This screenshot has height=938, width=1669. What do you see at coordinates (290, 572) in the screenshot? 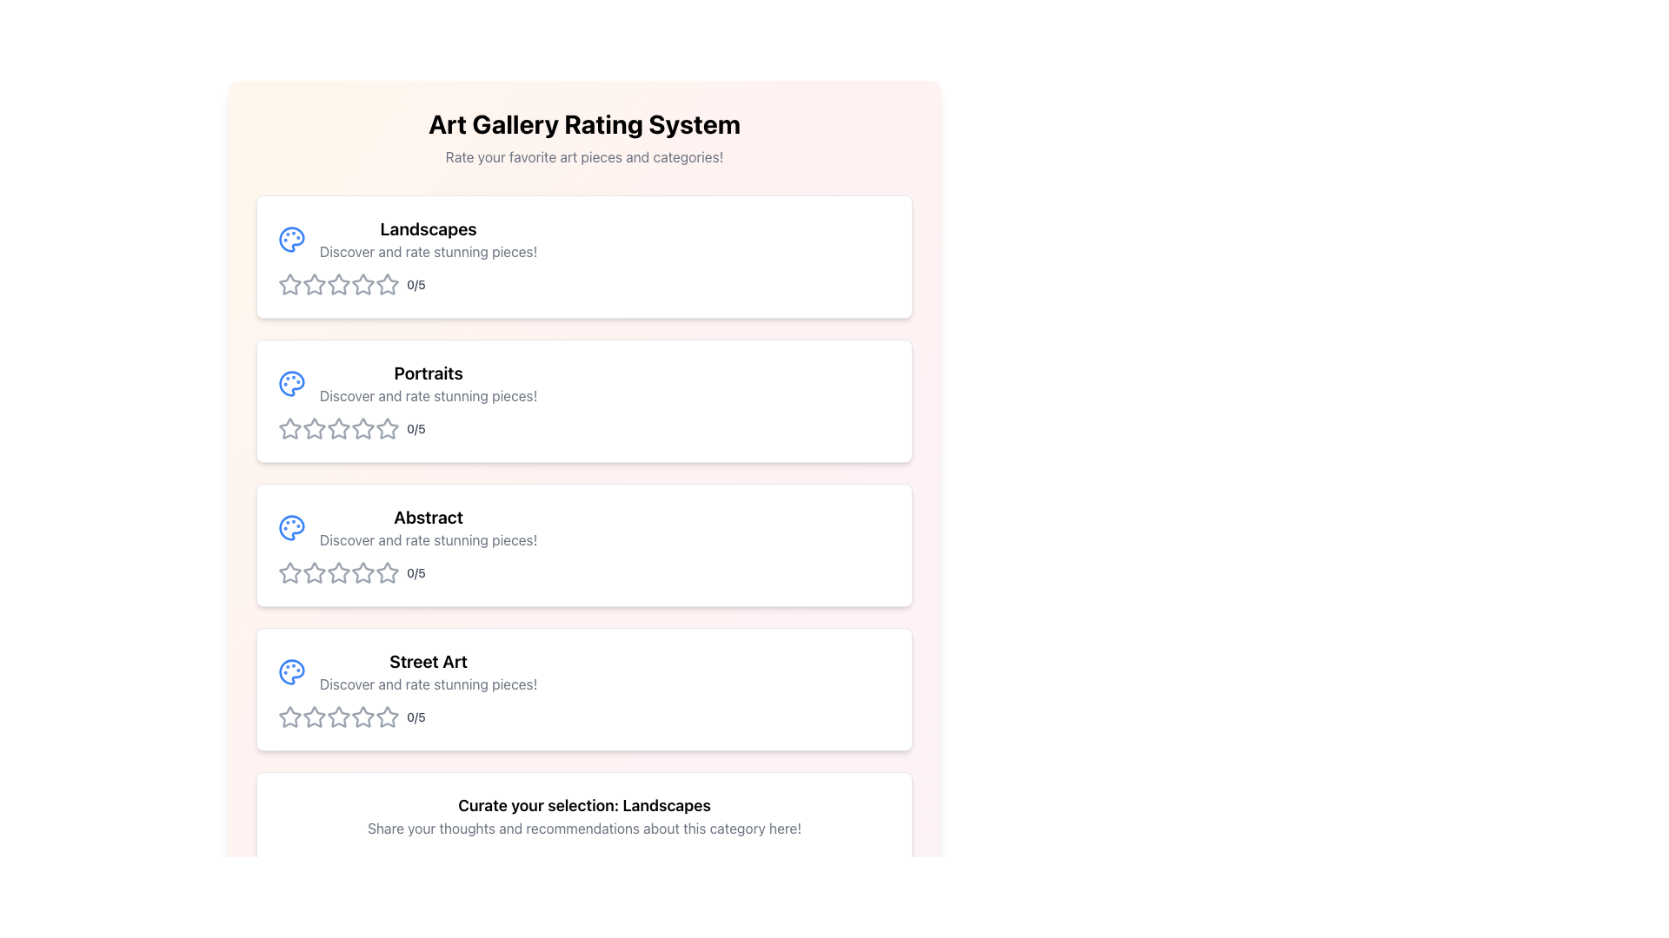
I see `the first star button in the five-star rating system for the 'Abstract' category` at bounding box center [290, 572].